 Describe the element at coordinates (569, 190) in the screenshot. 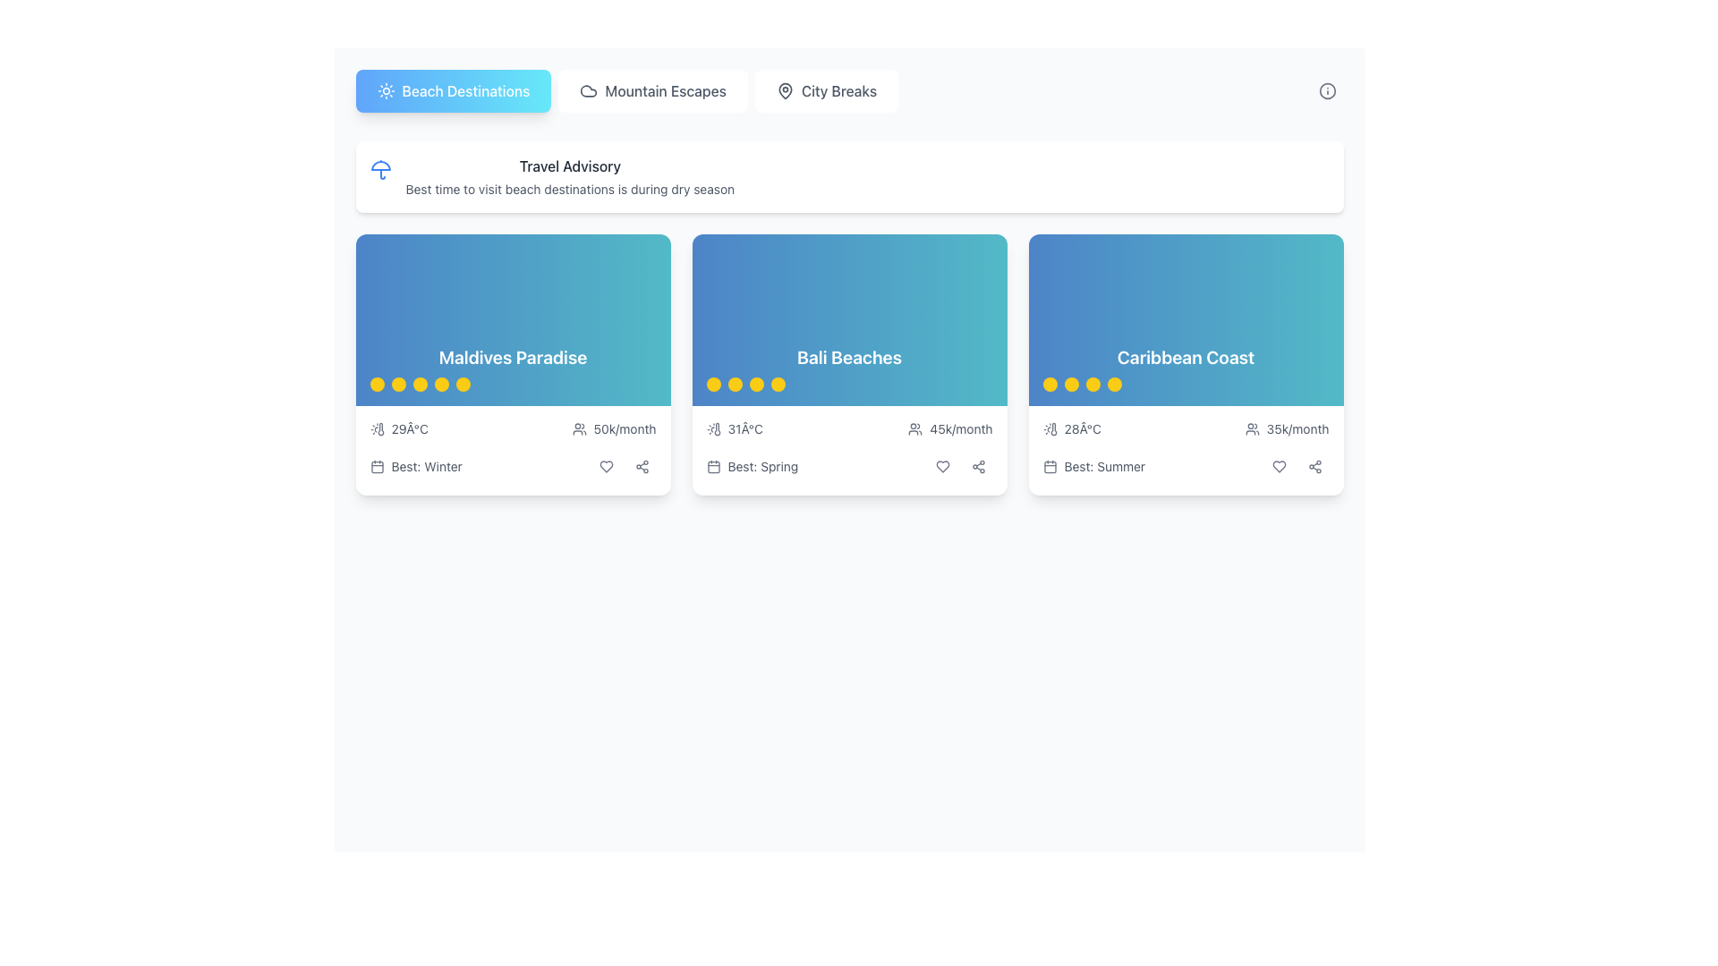

I see `the informational text that displays contextual advice related to beach destinations, located below the 'Travel Advisory' heading, to emphasize it` at that location.